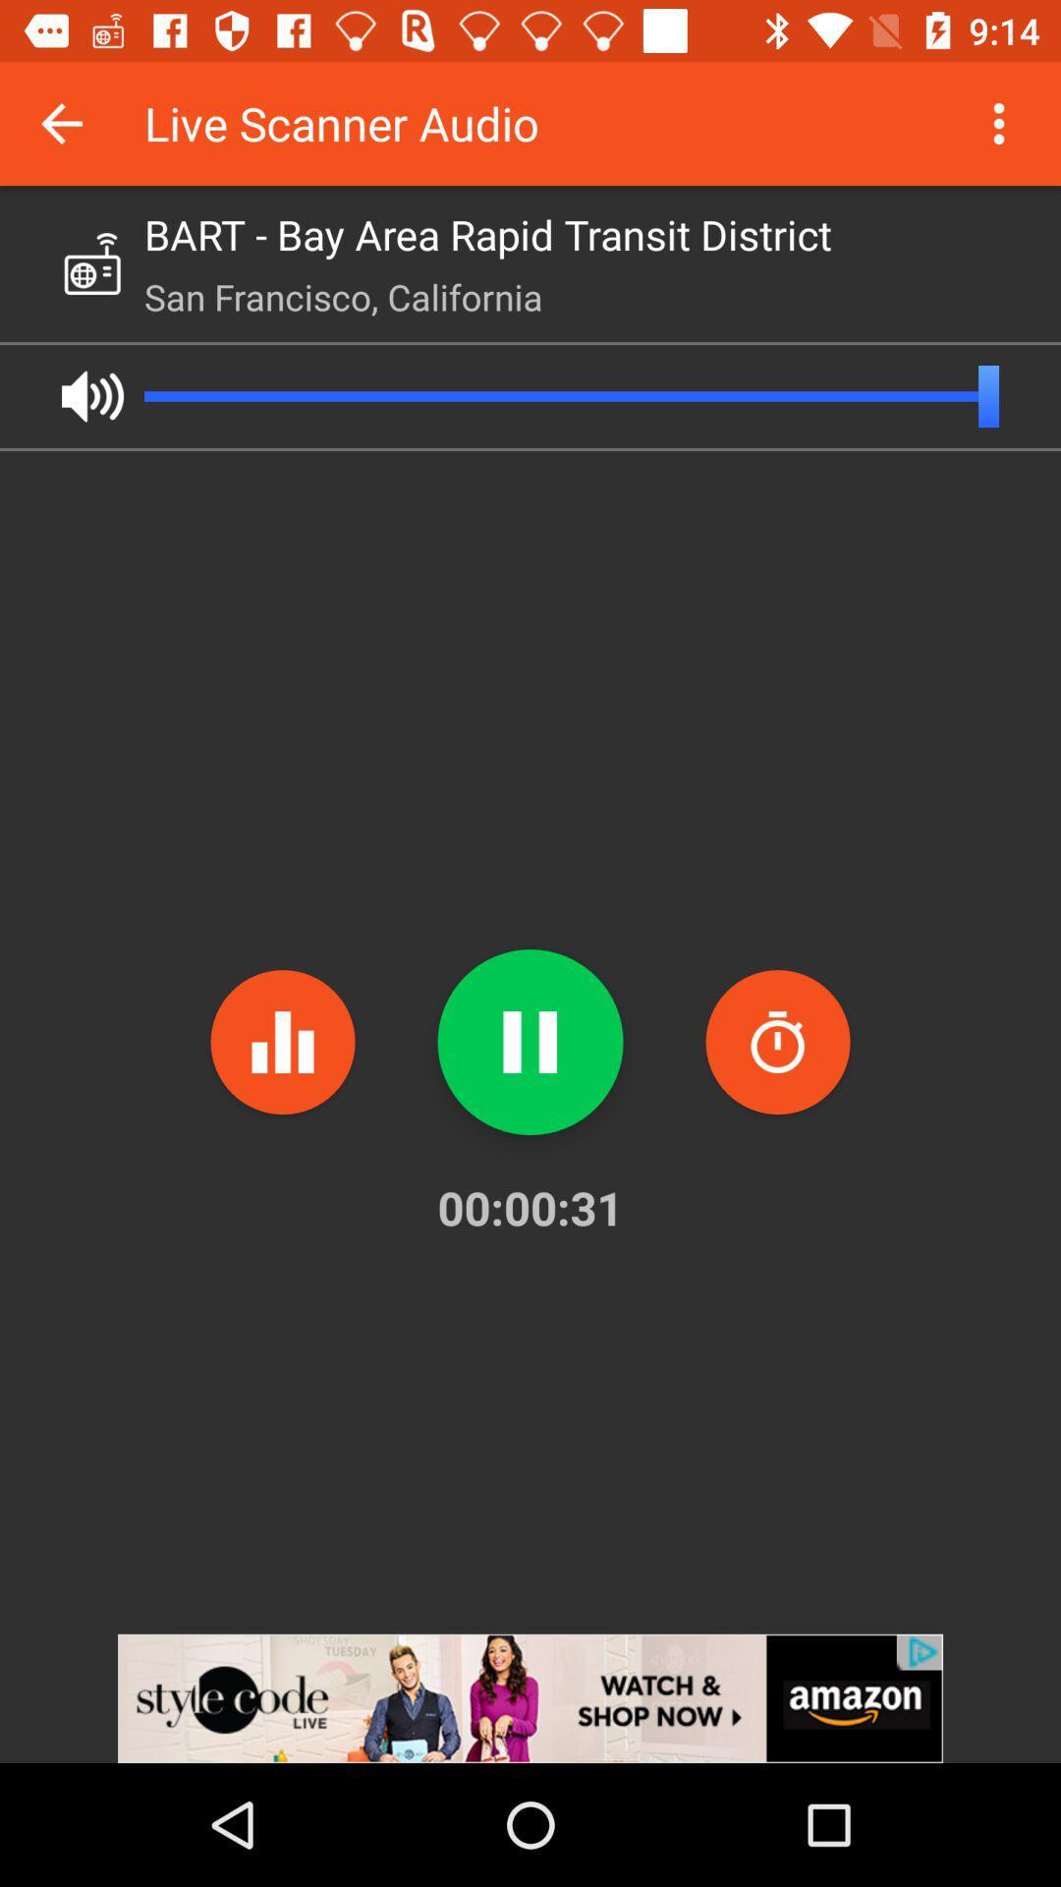 The image size is (1061, 1887). What do you see at coordinates (530, 1041) in the screenshot?
I see `and pause button` at bounding box center [530, 1041].